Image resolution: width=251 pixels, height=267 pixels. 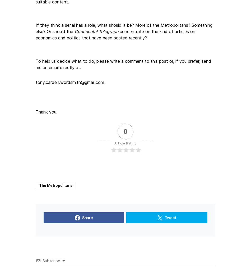 I want to click on 'Subscribe', so click(x=43, y=260).